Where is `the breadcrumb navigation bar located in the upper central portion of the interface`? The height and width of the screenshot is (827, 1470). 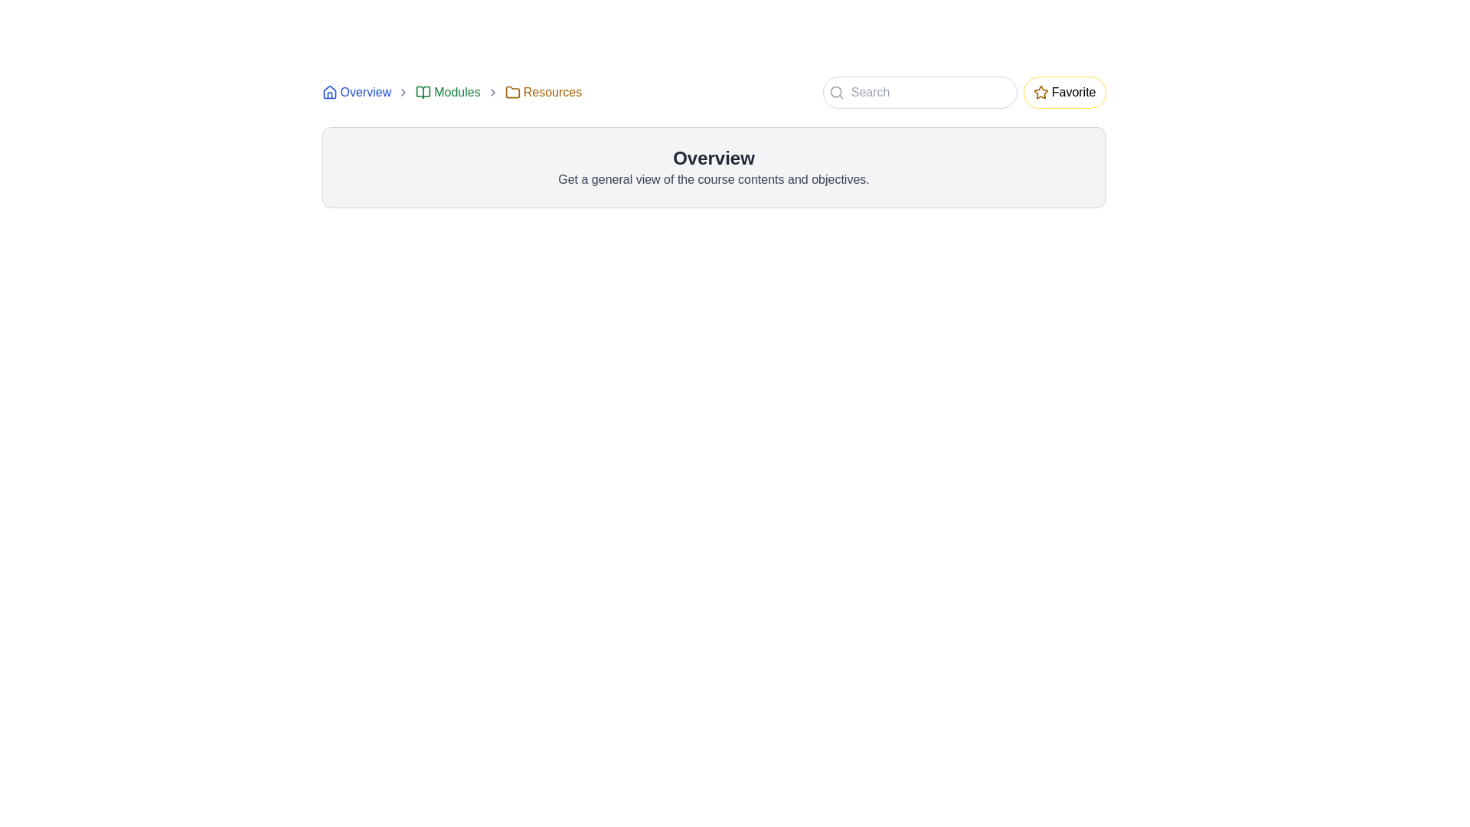 the breadcrumb navigation bar located in the upper central portion of the interface is located at coordinates (451, 92).